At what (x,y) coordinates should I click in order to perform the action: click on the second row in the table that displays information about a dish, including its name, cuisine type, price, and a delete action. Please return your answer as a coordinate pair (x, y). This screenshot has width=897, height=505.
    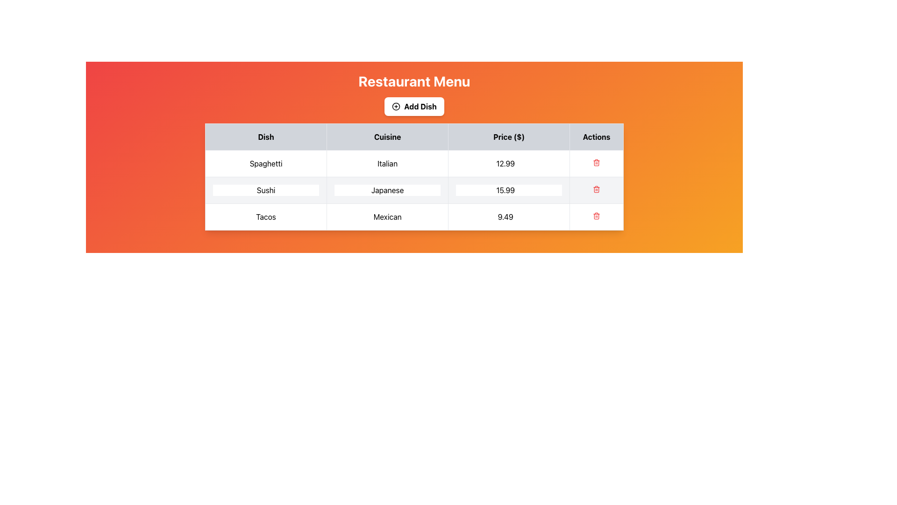
    Looking at the image, I should click on (414, 190).